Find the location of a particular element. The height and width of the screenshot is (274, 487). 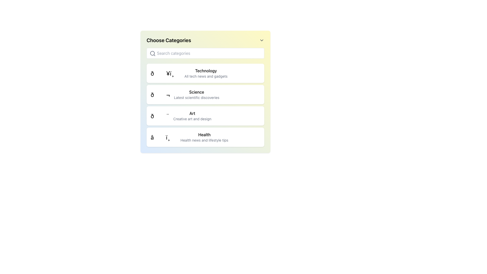

text label stating 'Health news and lifestyle tips' which is centrally aligned below the 'Health' title in the fourth entry of the category list is located at coordinates (204, 140).